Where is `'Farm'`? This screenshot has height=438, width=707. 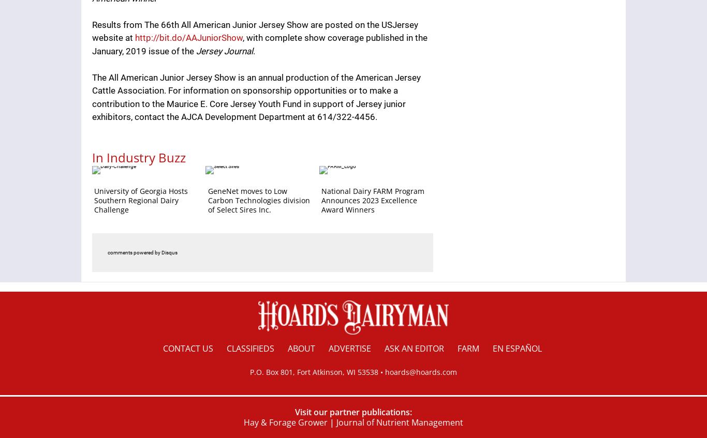 'Farm' is located at coordinates (467, 348).